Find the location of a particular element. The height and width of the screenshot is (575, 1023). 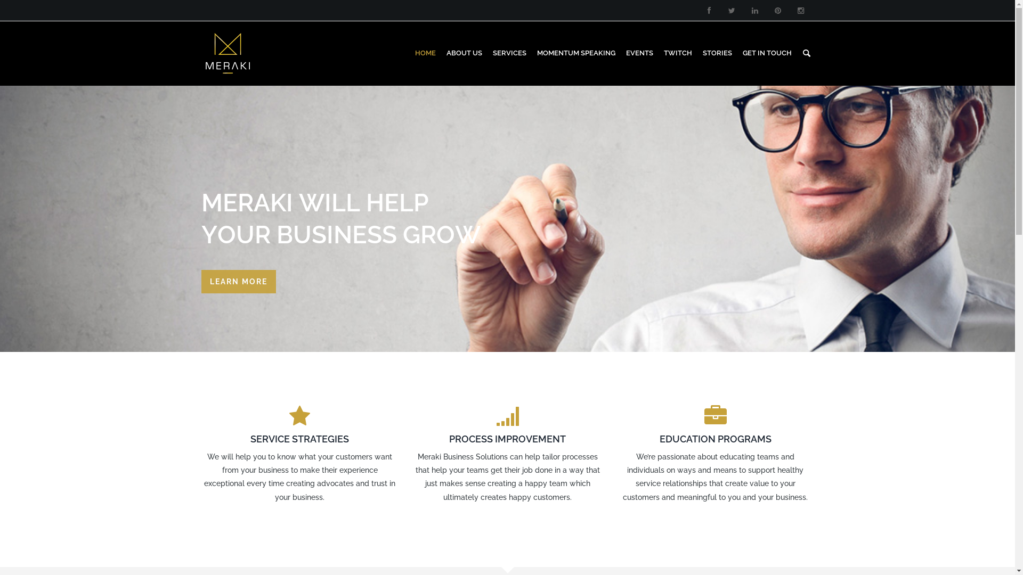

'linkedin' is located at coordinates (743, 10).